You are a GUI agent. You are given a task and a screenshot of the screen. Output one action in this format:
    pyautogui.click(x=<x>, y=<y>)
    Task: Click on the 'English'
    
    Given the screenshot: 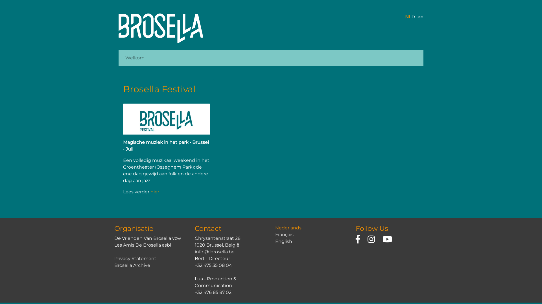 What is the action you would take?
    pyautogui.click(x=275, y=241)
    